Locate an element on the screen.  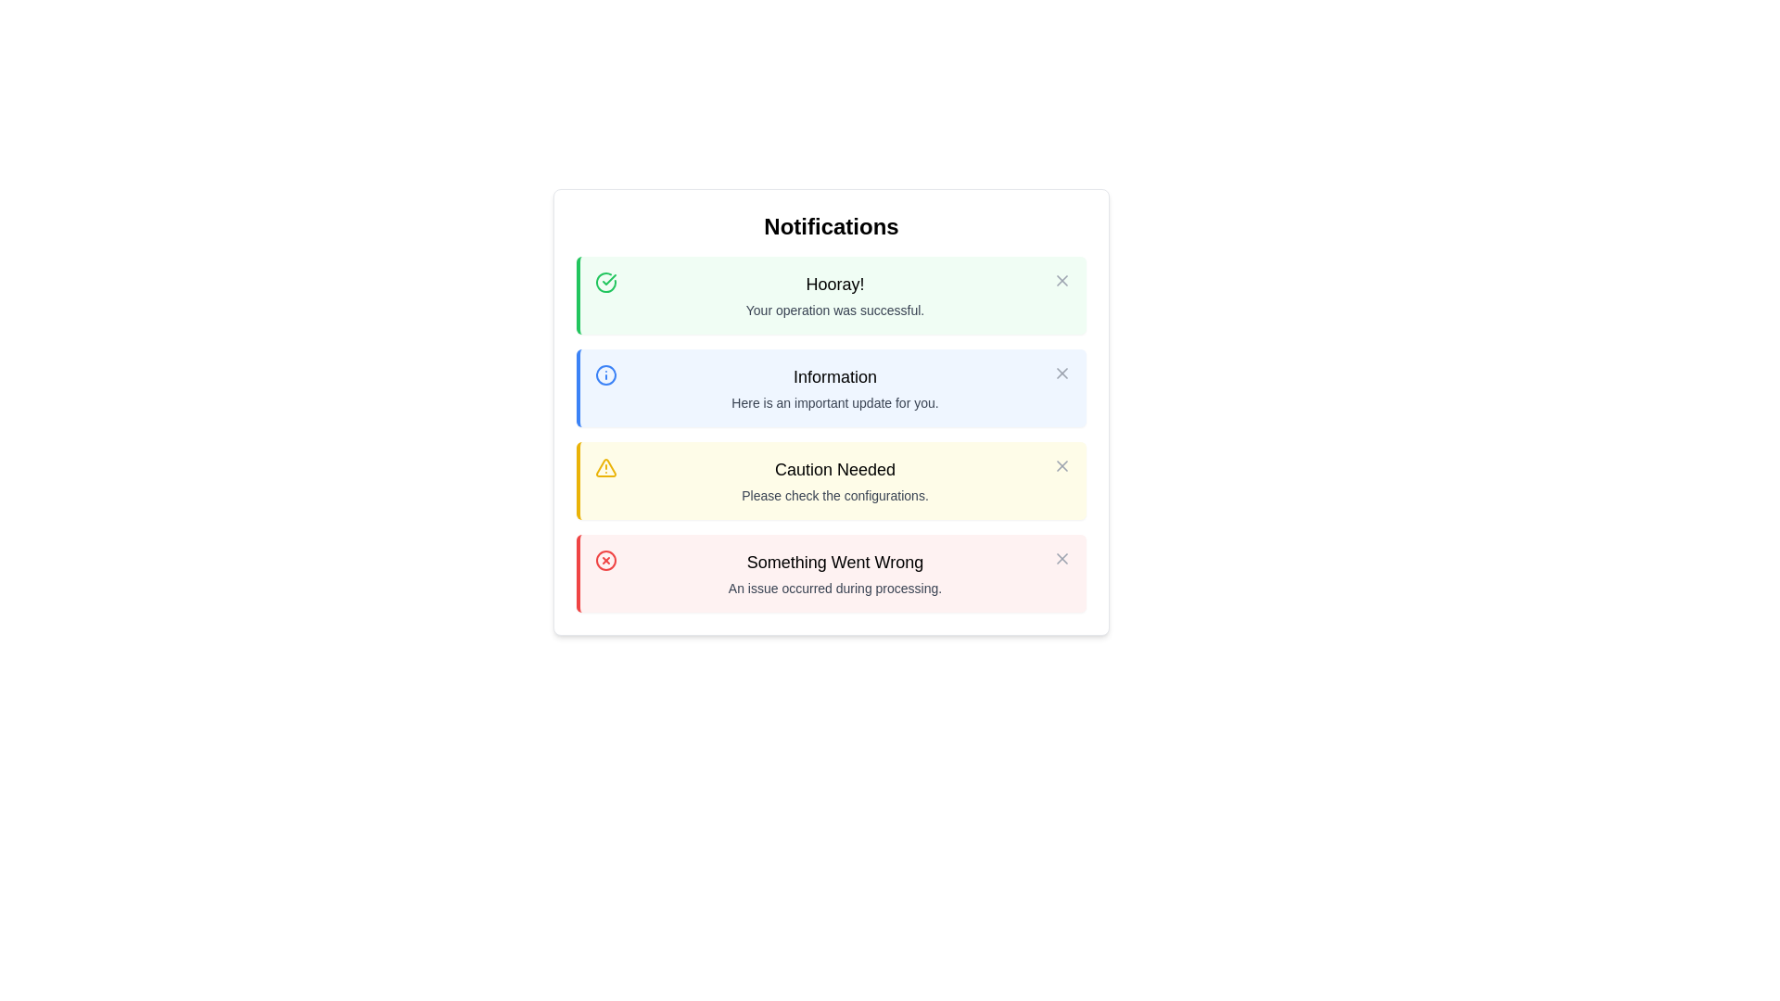
the alert icon indicating an important warning or cautionary message, which is located in the leftmost part of the 'Caution Needed' notification, the third in a vertical list of four notifications is located at coordinates (605, 467).